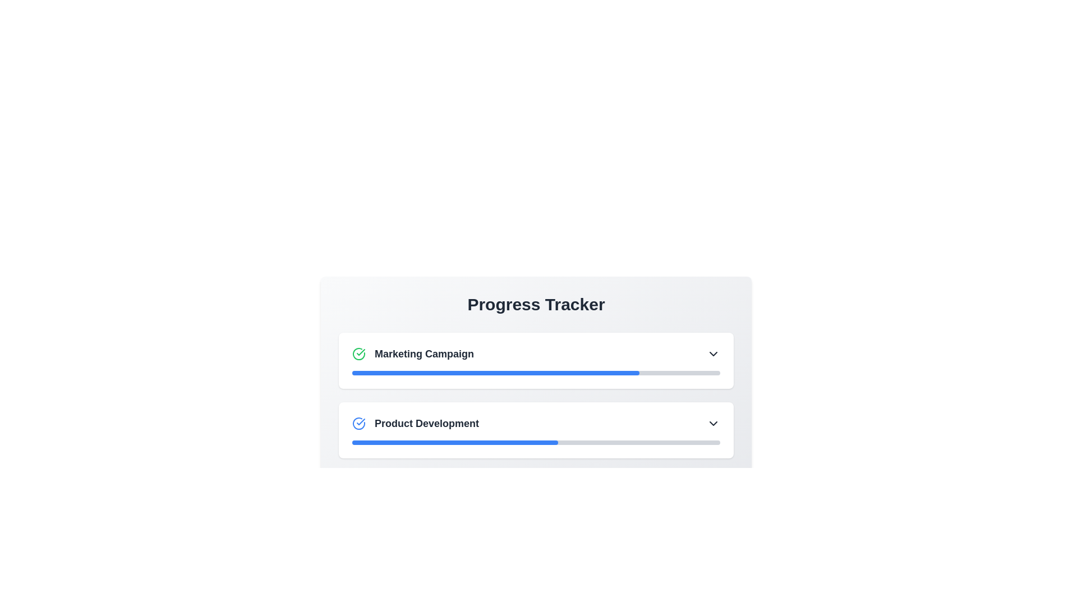 This screenshot has width=1077, height=606. What do you see at coordinates (495, 373) in the screenshot?
I see `the blue progress bar located under the 'Marketing Campaign' heading in the 'Progress Tracker' section` at bounding box center [495, 373].